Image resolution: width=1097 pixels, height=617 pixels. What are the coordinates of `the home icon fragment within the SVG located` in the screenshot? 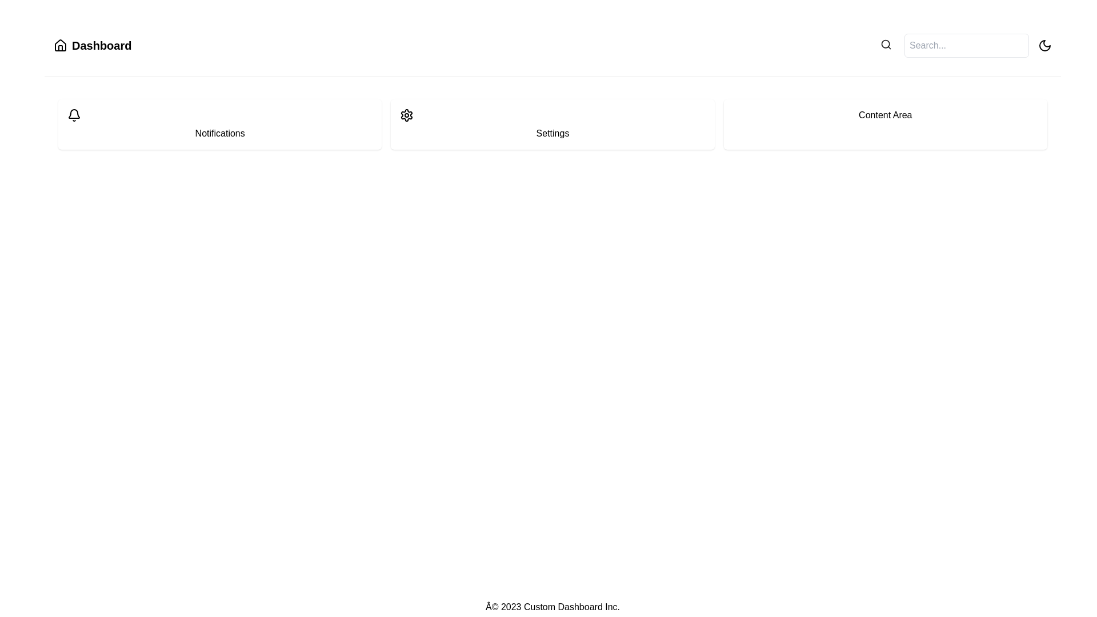 It's located at (59, 44).